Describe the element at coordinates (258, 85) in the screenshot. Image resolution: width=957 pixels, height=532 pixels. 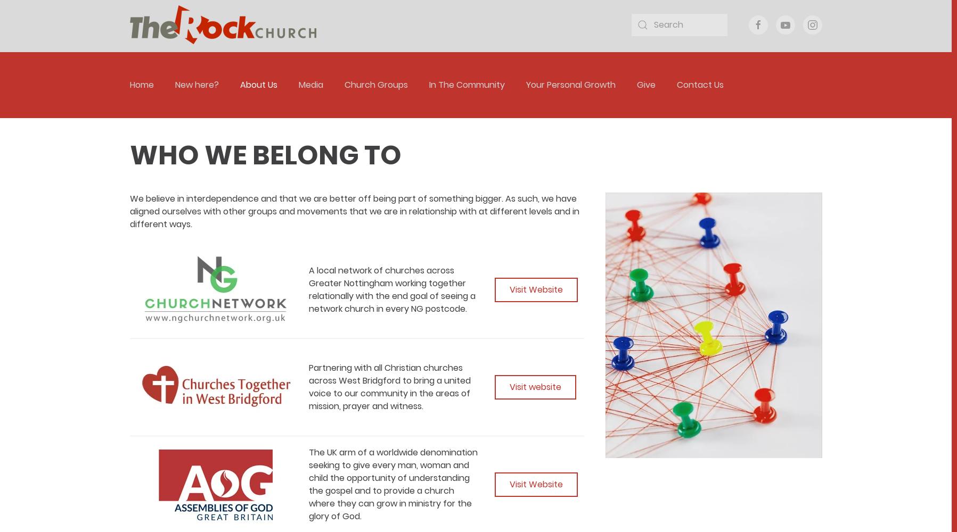
I see `'About Us'` at that location.